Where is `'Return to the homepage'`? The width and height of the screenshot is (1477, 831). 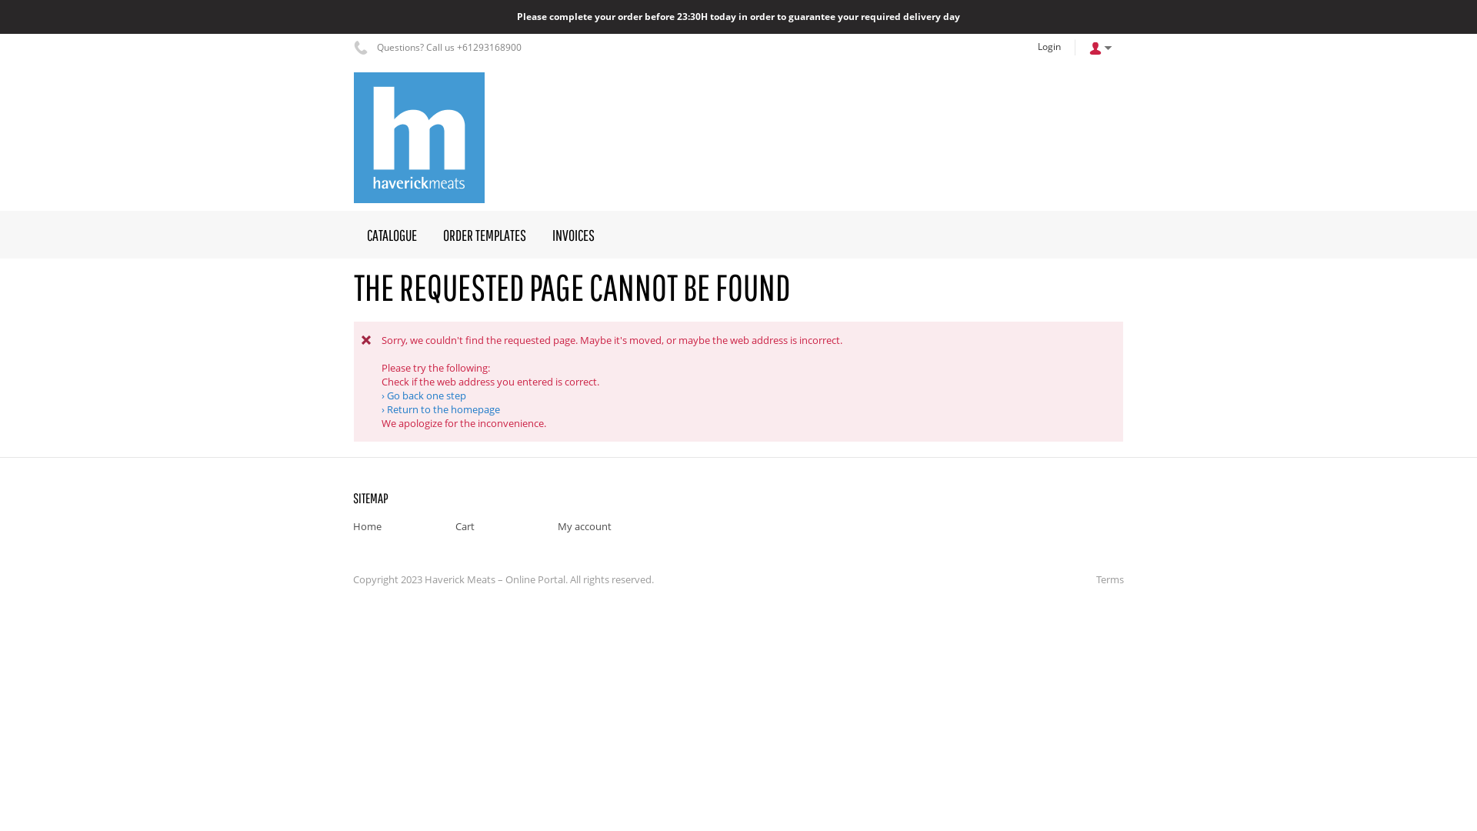 'Return to the homepage' is located at coordinates (439, 409).